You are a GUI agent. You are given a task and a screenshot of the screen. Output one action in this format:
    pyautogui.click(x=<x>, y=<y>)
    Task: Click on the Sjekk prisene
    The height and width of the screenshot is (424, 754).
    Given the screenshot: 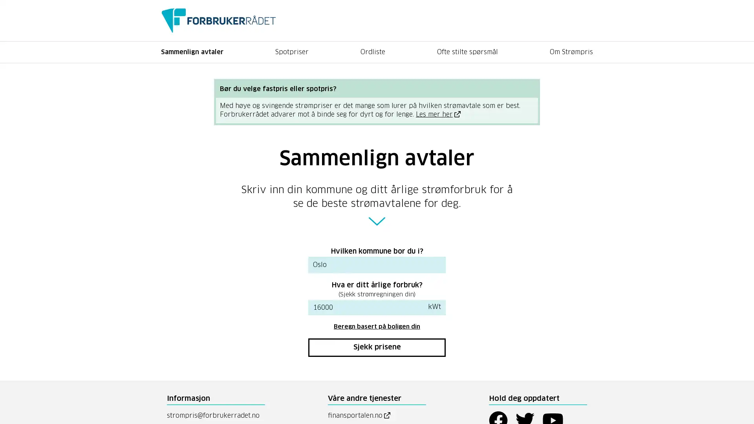 What is the action you would take?
    pyautogui.click(x=377, y=347)
    